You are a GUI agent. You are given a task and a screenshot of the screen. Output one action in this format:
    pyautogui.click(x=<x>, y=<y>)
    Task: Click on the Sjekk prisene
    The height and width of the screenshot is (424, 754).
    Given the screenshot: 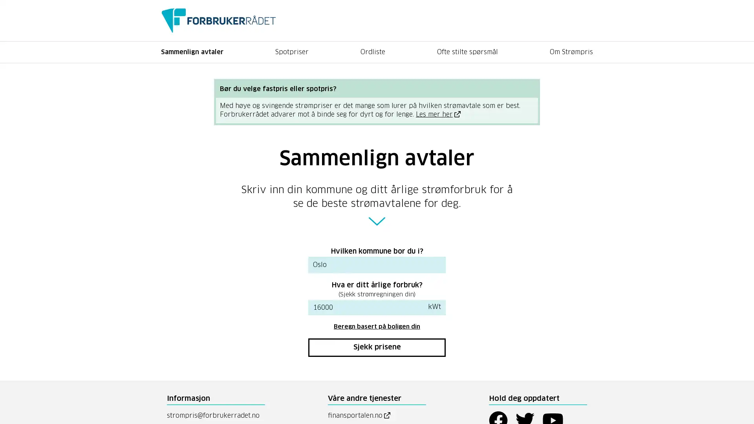 What is the action you would take?
    pyautogui.click(x=377, y=347)
    